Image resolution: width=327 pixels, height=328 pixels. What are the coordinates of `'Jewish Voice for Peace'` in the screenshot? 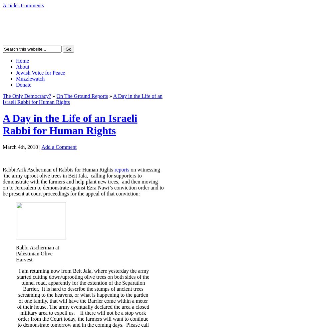 It's located at (16, 72).